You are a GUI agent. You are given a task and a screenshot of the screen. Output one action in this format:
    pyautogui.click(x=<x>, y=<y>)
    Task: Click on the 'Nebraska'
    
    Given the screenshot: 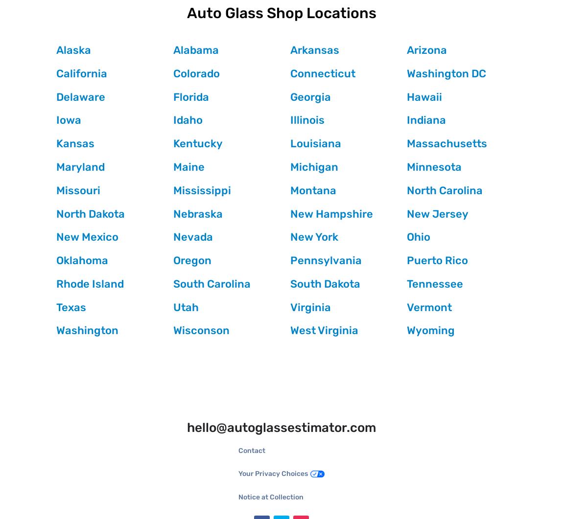 What is the action you would take?
    pyautogui.click(x=197, y=213)
    